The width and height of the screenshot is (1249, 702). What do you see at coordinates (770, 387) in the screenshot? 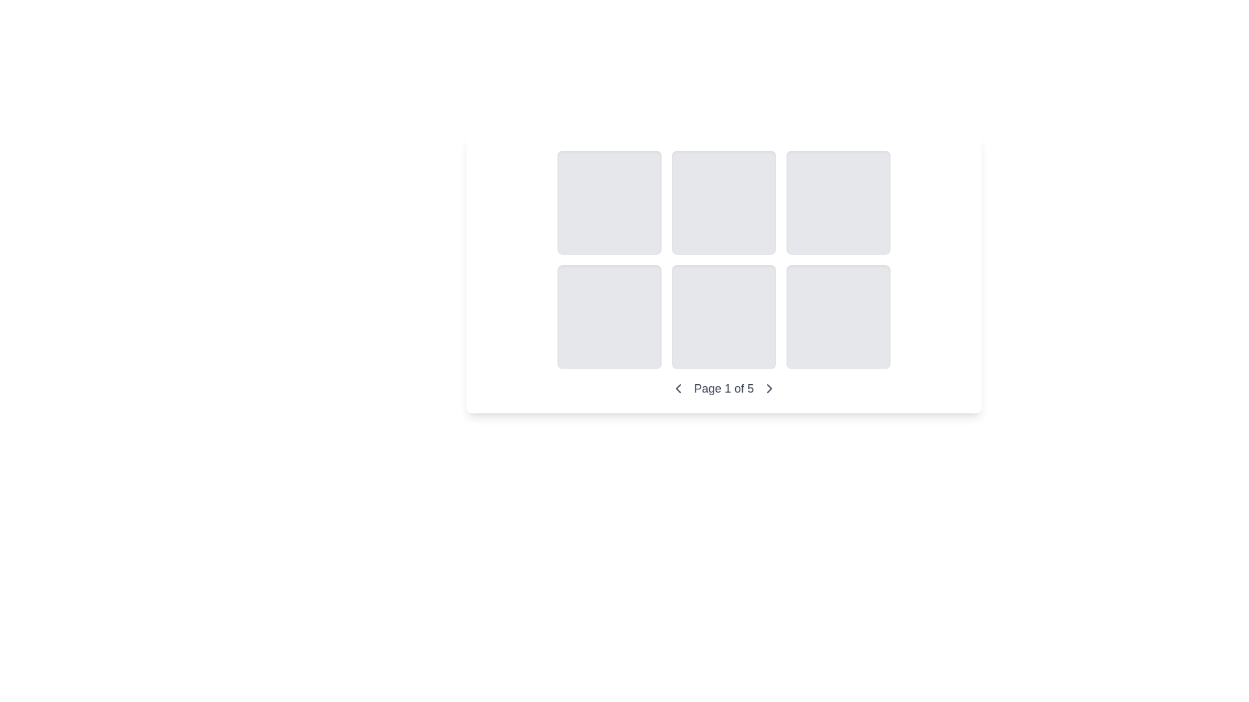
I see `the chevron-right icon for navigation to proceed to the next page in the page navigation controls located at the bottom-center of the interface` at bounding box center [770, 387].